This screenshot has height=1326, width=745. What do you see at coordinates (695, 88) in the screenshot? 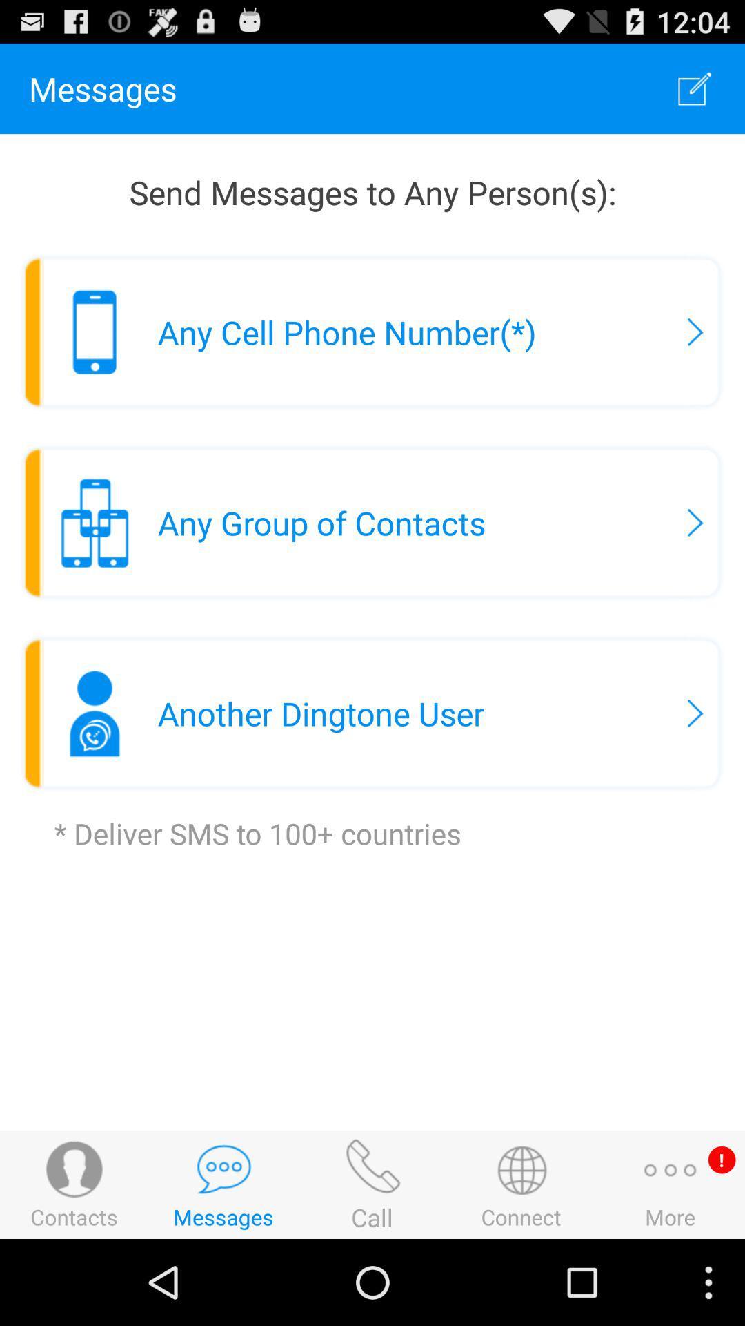
I see `write message` at bounding box center [695, 88].